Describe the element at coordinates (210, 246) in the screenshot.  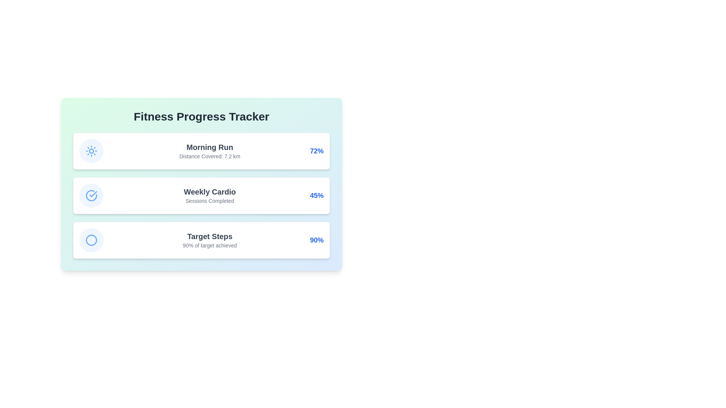
I see `the text label displaying '90% of target achieved', which is styled in gray and positioned below the 'Target Steps' text in the information block` at that location.